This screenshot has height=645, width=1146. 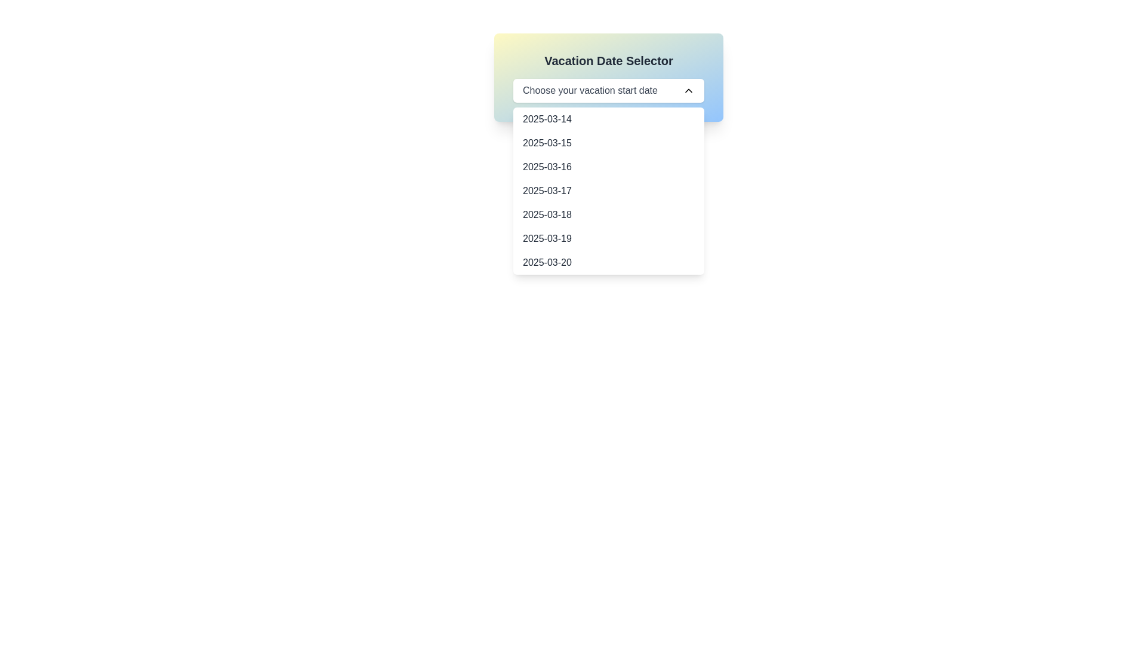 What do you see at coordinates (608, 142) in the screenshot?
I see `the selectable option in the dropdown menu for the date '2025-03-15'` at bounding box center [608, 142].